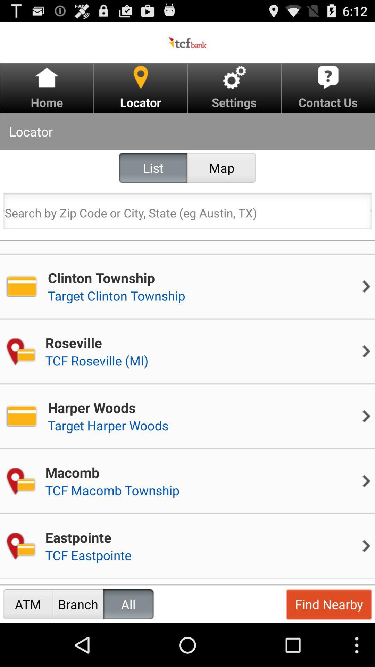 This screenshot has width=375, height=667. Describe the element at coordinates (222, 168) in the screenshot. I see `map item` at that location.